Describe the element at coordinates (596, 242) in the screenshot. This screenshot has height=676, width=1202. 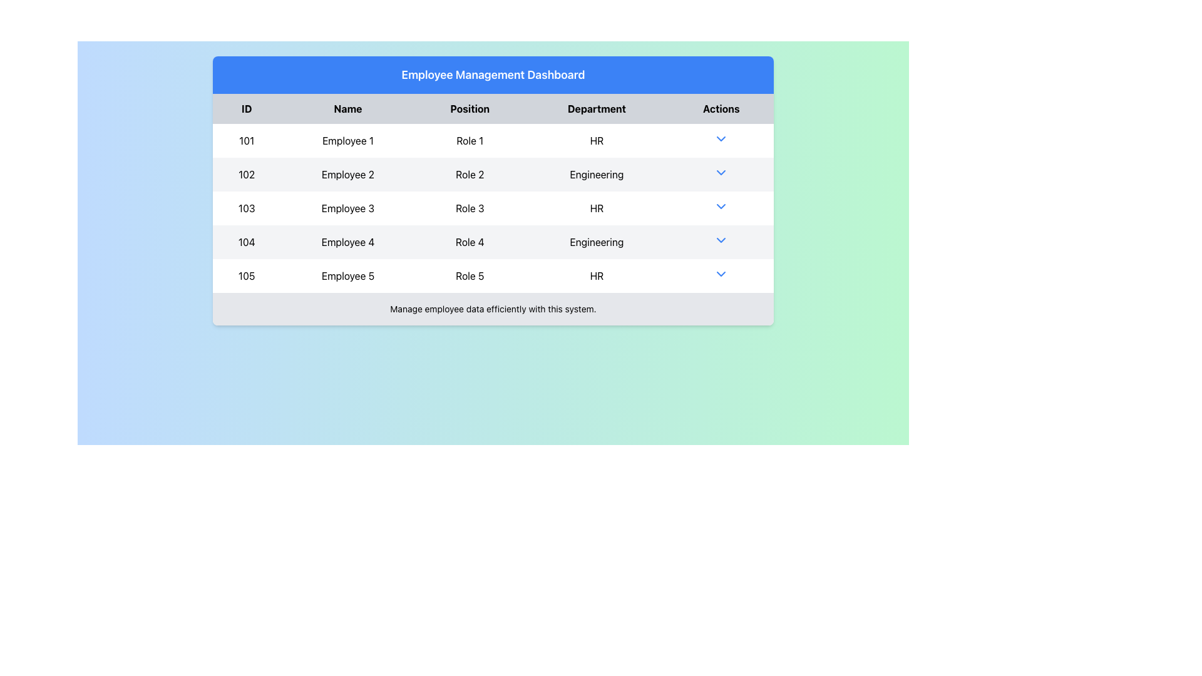
I see `the 'Engineering' text label in the table row for 'Employee 4', which is the fourth cell under the 'Department' column` at that location.